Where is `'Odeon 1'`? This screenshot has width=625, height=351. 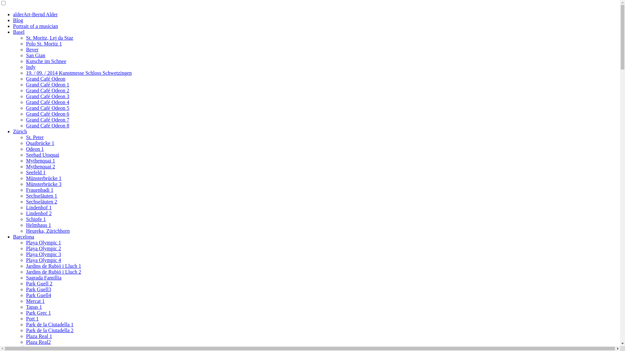
'Odeon 1' is located at coordinates (35, 149).